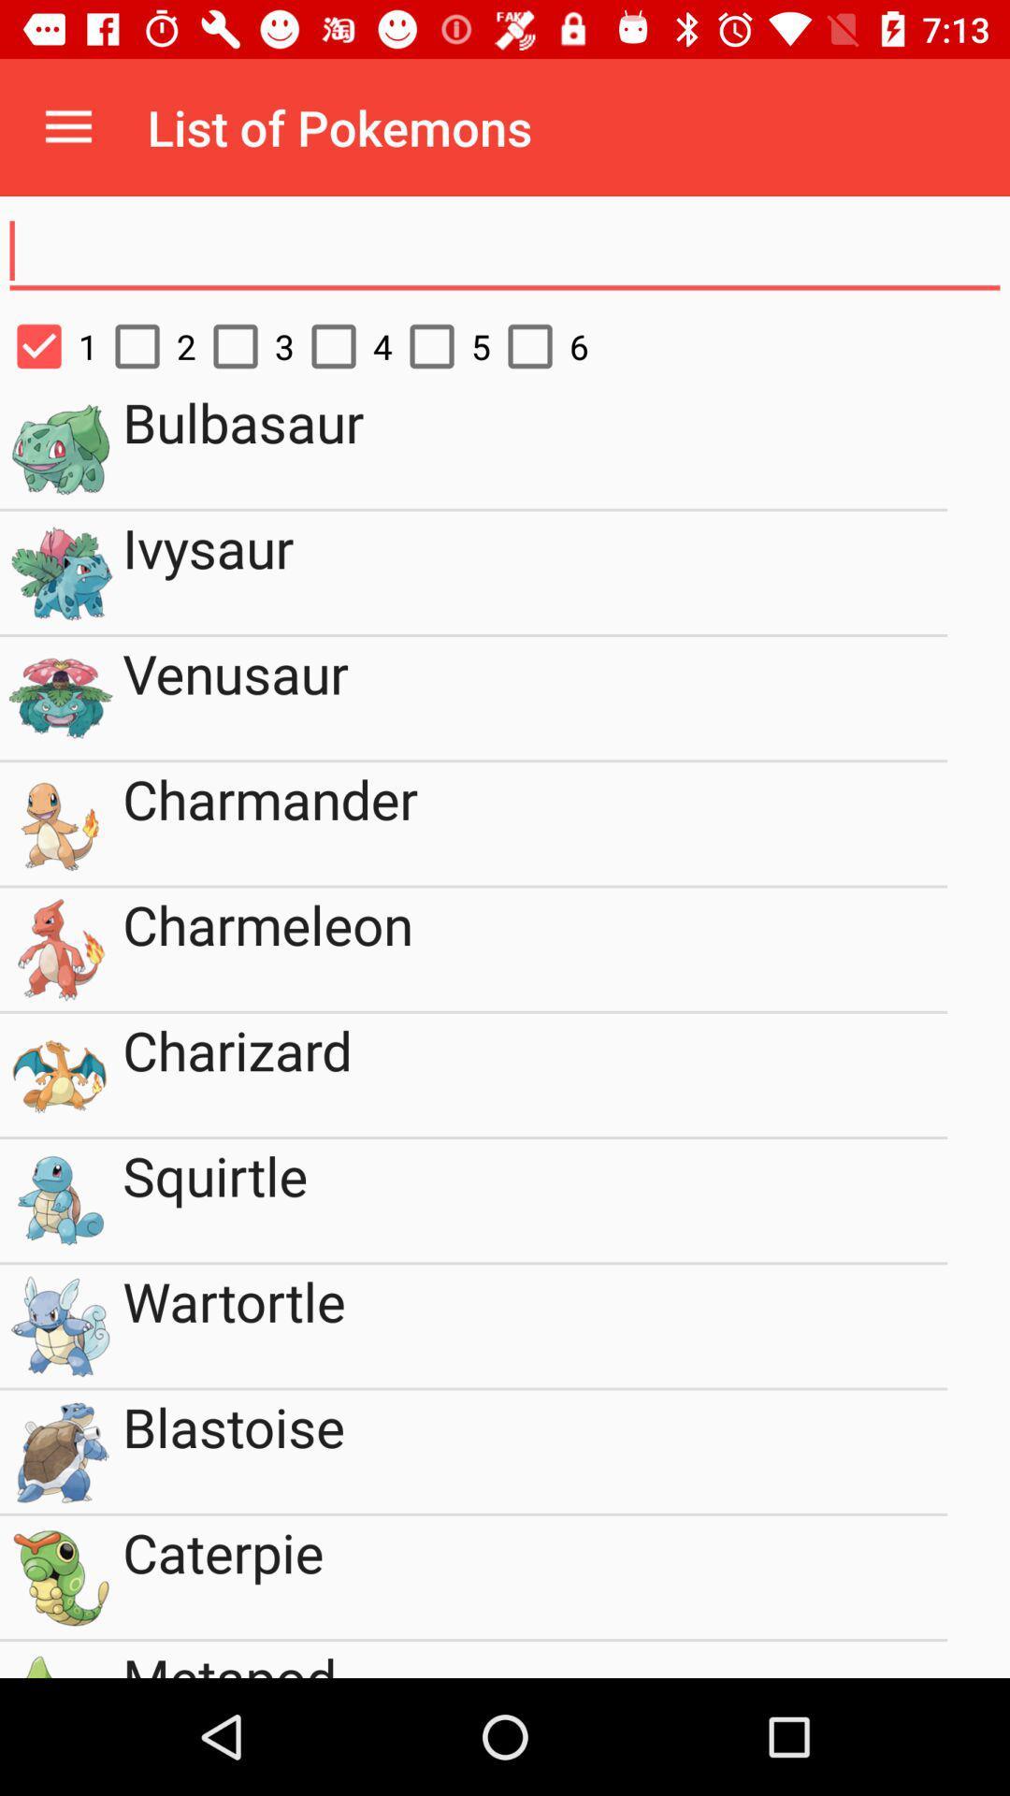 Image resolution: width=1010 pixels, height=1796 pixels. What do you see at coordinates (505, 251) in the screenshot?
I see `search bar` at bounding box center [505, 251].